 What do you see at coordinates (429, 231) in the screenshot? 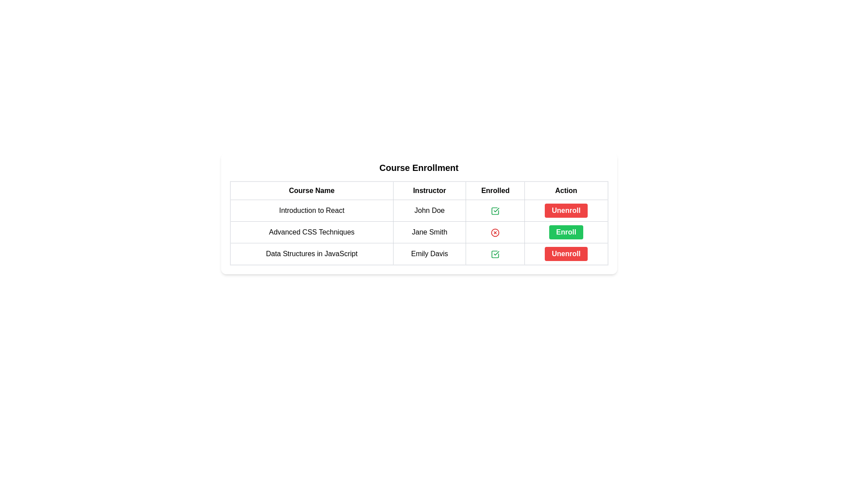
I see `the instructor's name displayed in the second row of the table under the 'Instructor' column` at bounding box center [429, 231].